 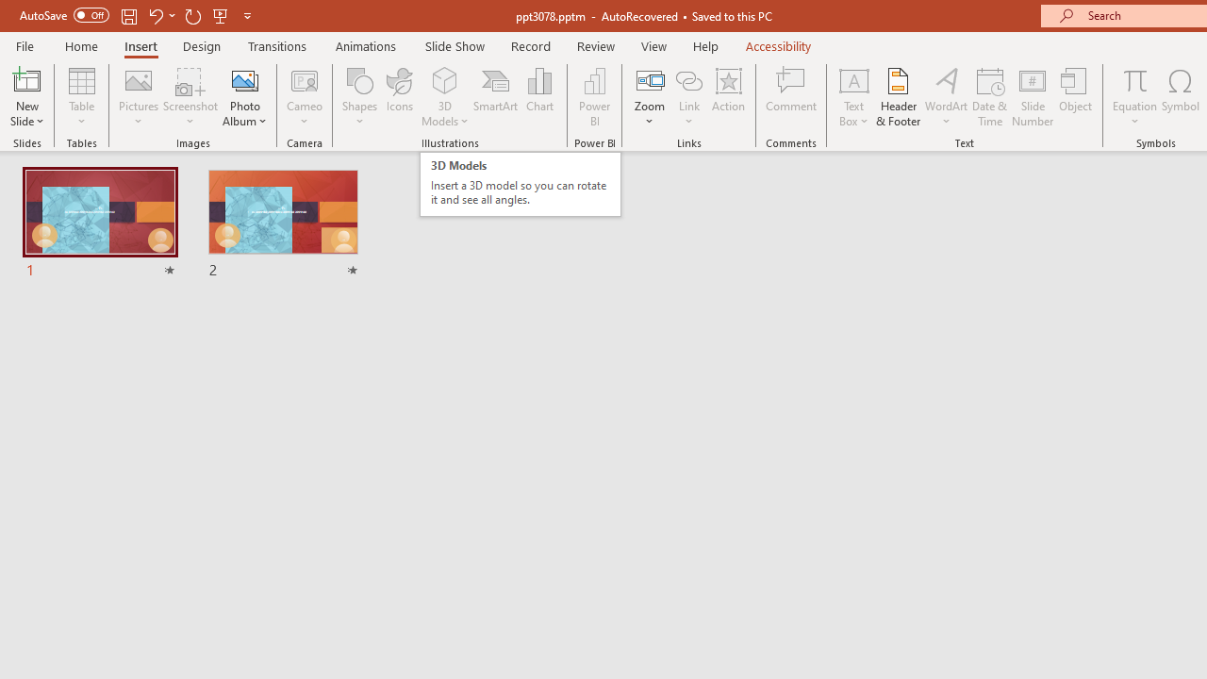 What do you see at coordinates (243, 97) in the screenshot?
I see `'Photo Album...'` at bounding box center [243, 97].